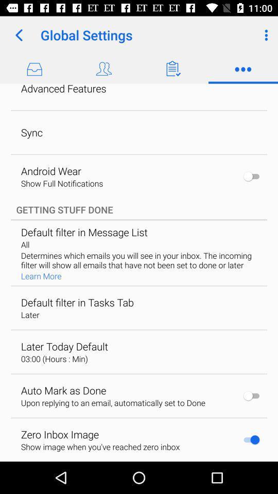  What do you see at coordinates (31, 132) in the screenshot?
I see `the sync` at bounding box center [31, 132].